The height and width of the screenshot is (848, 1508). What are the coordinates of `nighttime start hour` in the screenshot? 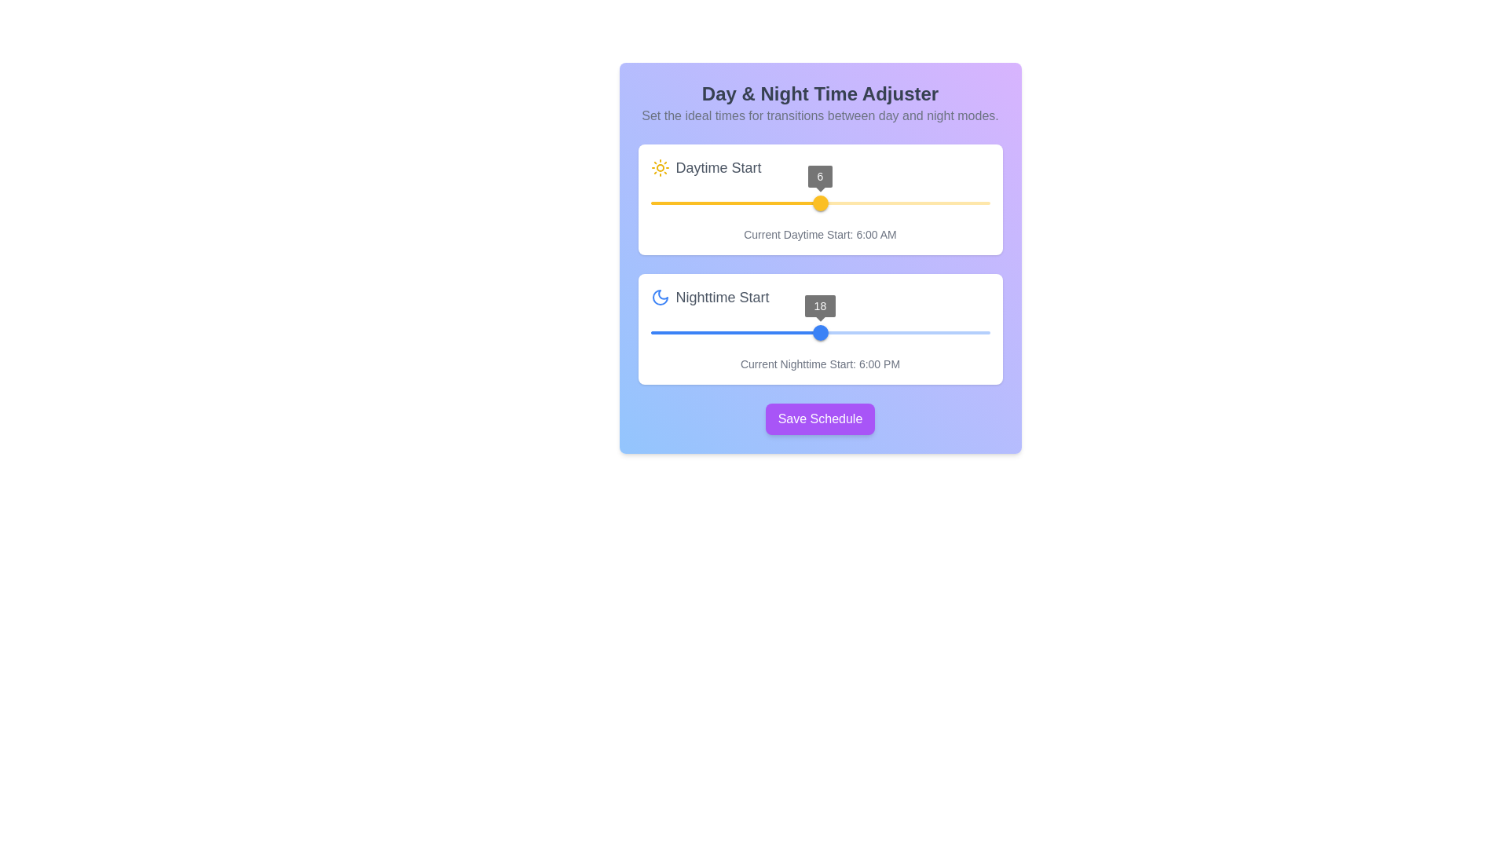 It's located at (933, 332).